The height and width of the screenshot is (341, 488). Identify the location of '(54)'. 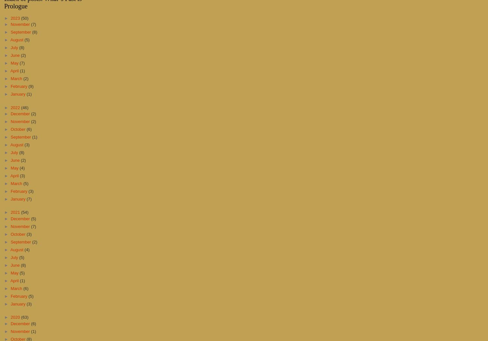
(25, 212).